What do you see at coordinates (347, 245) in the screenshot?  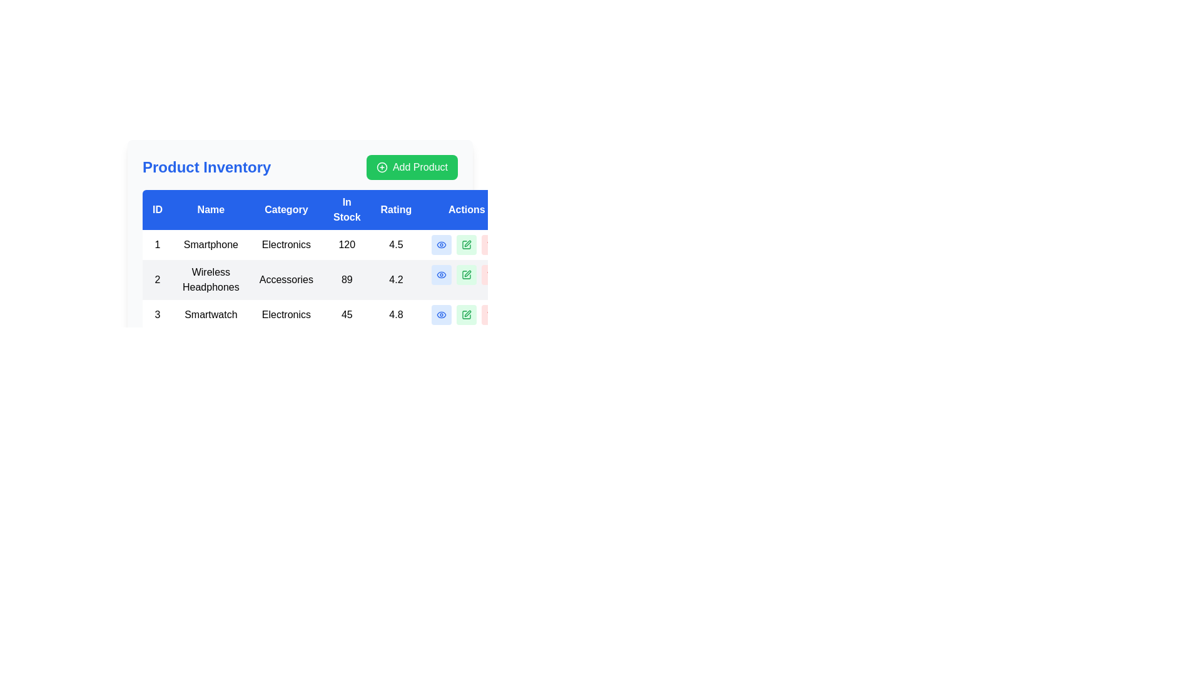 I see `the table cell displaying the number '120' in bold, centered format located in the 'In Stock' column of the first row` at bounding box center [347, 245].